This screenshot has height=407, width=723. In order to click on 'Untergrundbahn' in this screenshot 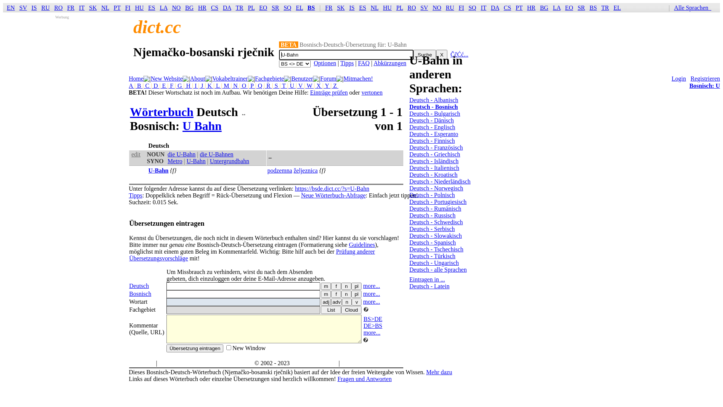, I will do `click(229, 161)`.